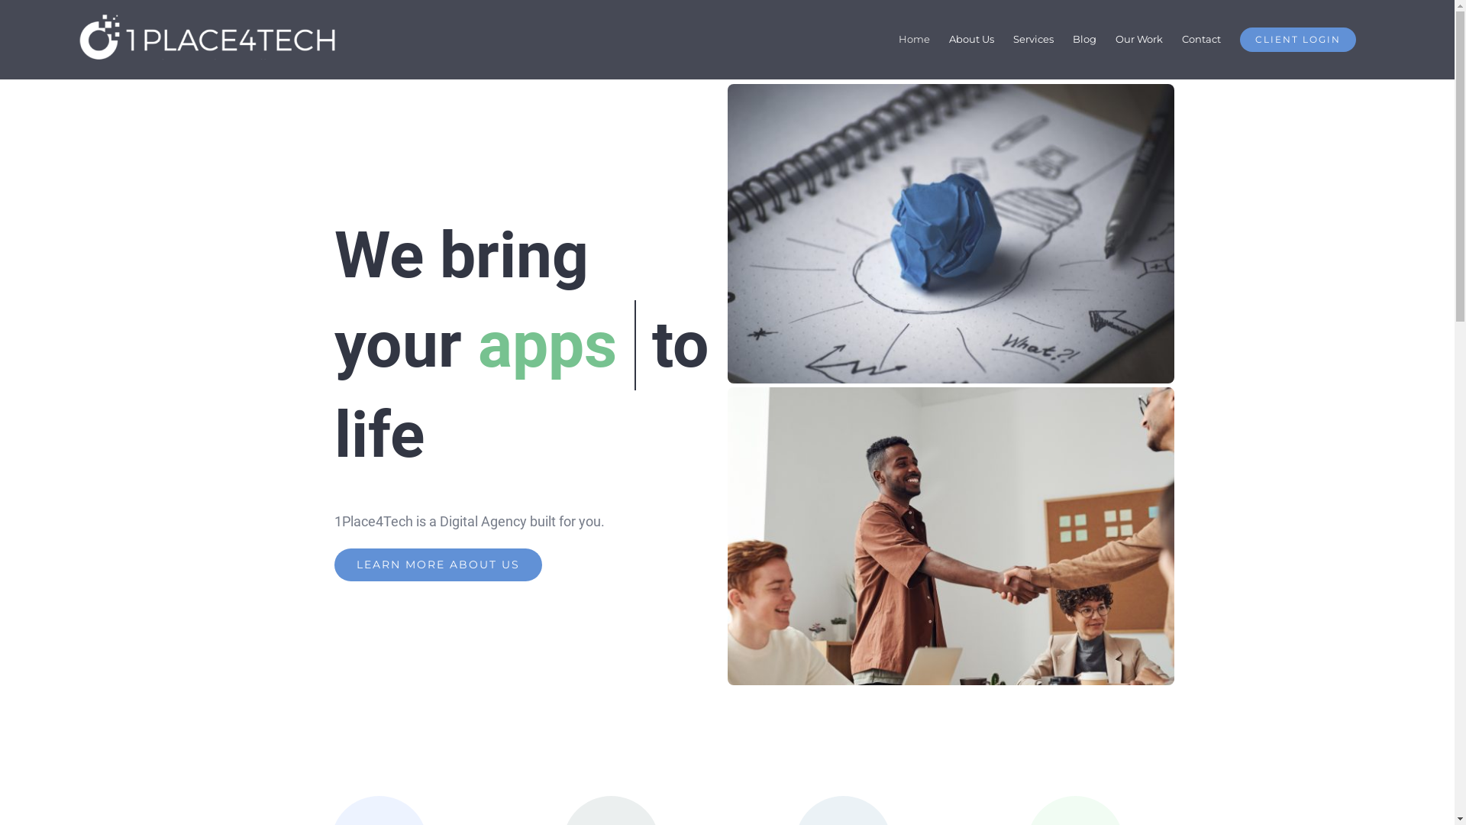 This screenshot has height=825, width=1466. I want to click on 'About Us', so click(970, 38).